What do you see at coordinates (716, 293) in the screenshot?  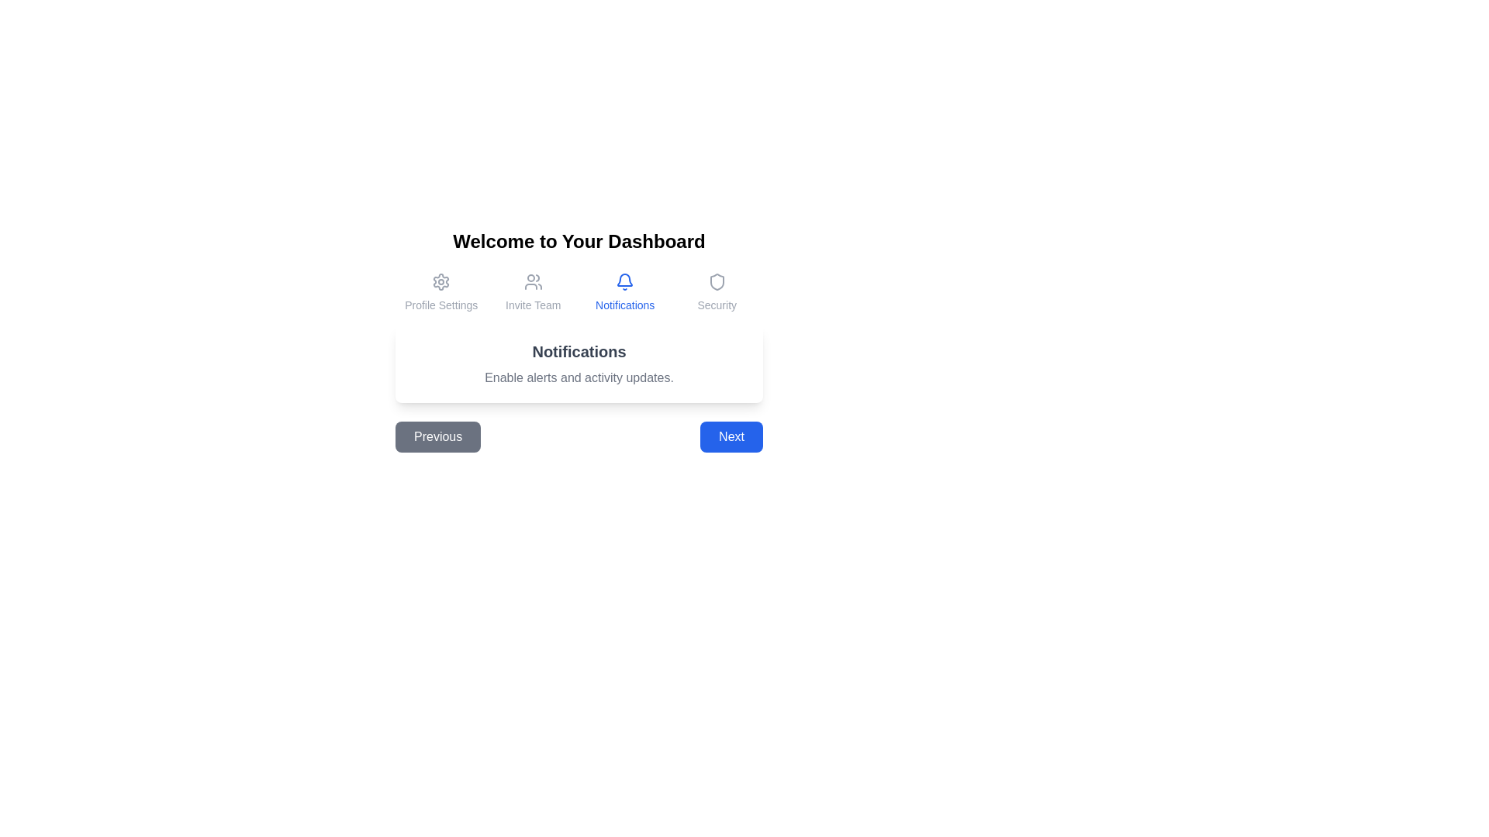 I see `the 'Security' text label with the shield icon, which is the fourth item in a horizontal row located to the far right, styled in light gray` at bounding box center [716, 293].